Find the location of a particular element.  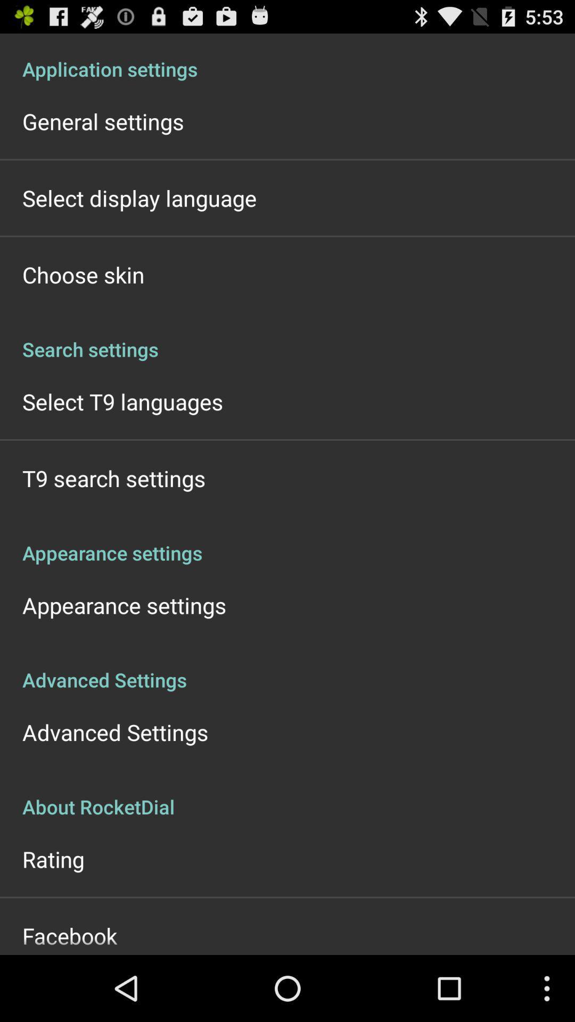

the icon above the search settings app is located at coordinates (83, 274).